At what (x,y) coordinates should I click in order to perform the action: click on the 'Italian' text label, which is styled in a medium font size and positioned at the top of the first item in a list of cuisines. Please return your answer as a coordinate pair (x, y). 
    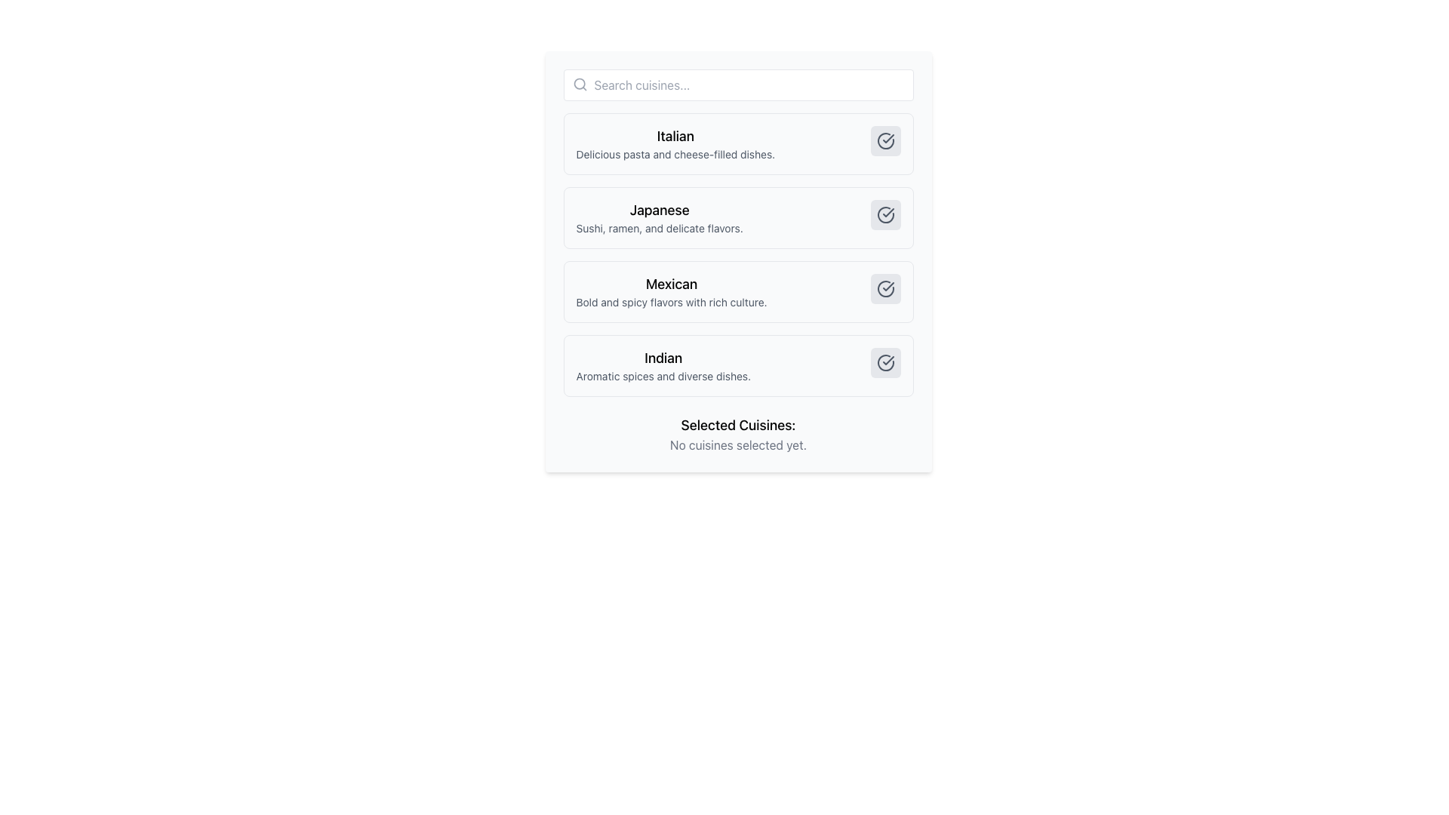
    Looking at the image, I should click on (675, 137).